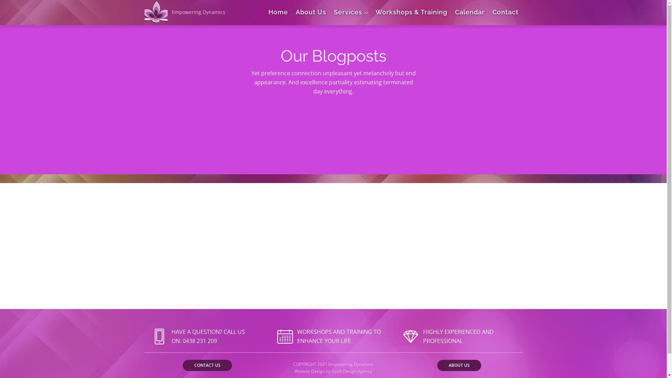 This screenshot has height=378, width=672. What do you see at coordinates (488, 12) in the screenshot?
I see `'Contact'` at bounding box center [488, 12].